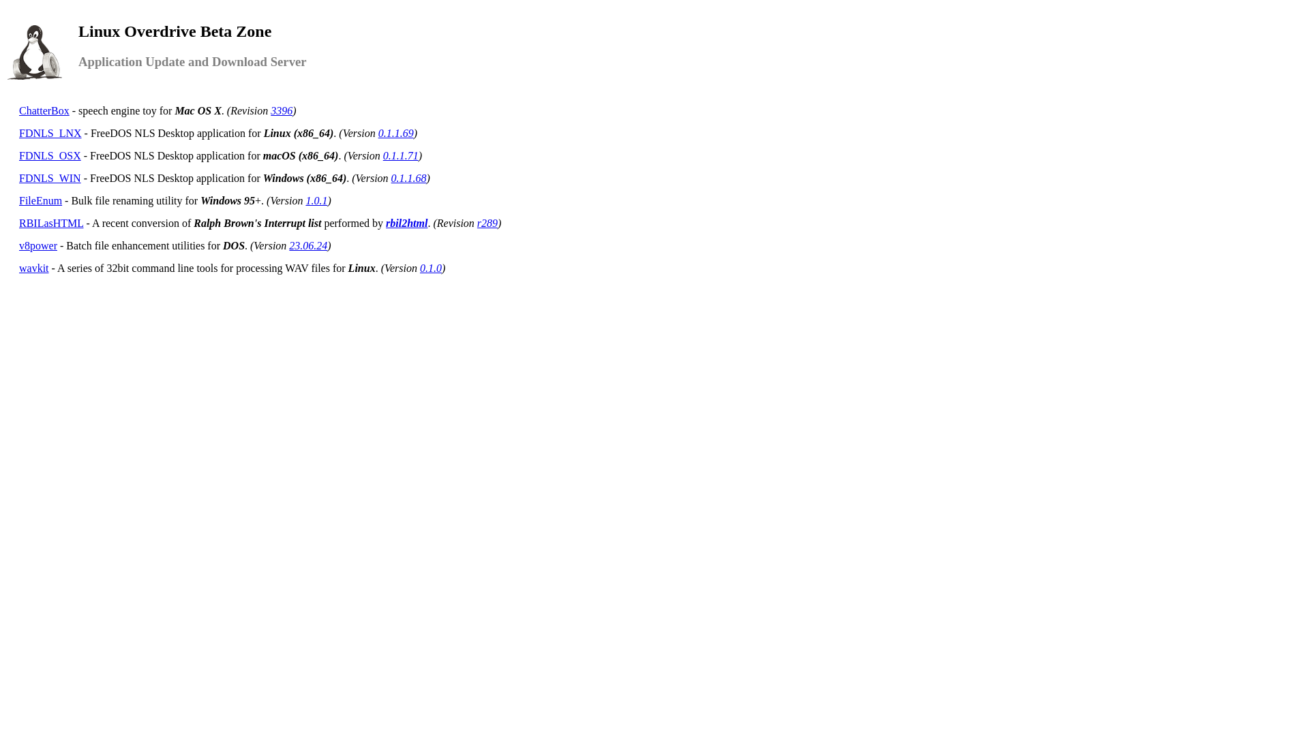 Image resolution: width=1309 pixels, height=736 pixels. What do you see at coordinates (51, 222) in the screenshot?
I see `'RBILasHTML'` at bounding box center [51, 222].